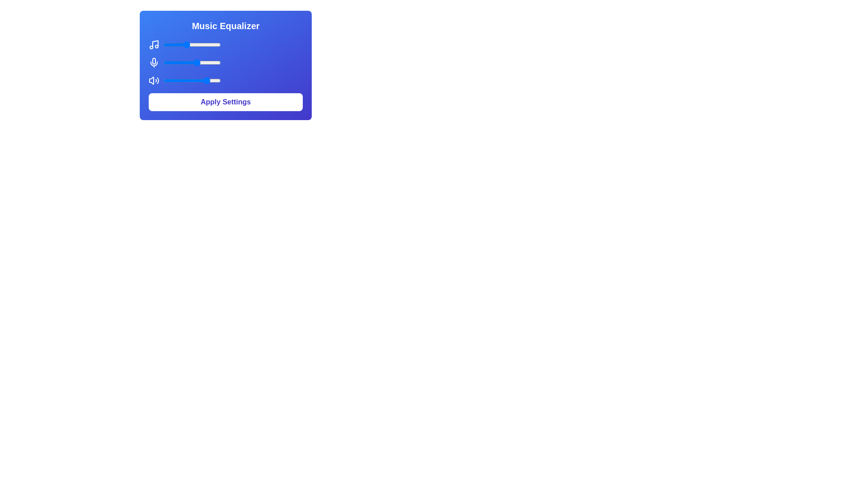 The height and width of the screenshot is (484, 860). What do you see at coordinates (154, 81) in the screenshot?
I see `the audio control icon, which serves as a visual indicator for toggling mute or accessing volume settings` at bounding box center [154, 81].